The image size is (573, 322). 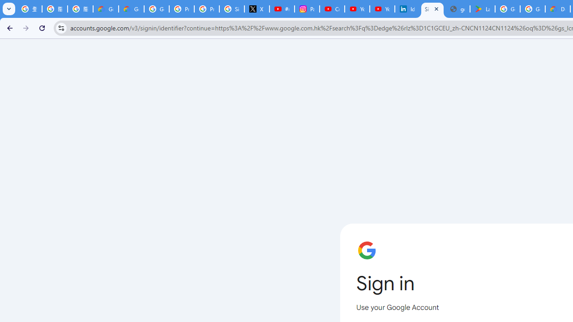 I want to click on 'X', so click(x=257, y=9).